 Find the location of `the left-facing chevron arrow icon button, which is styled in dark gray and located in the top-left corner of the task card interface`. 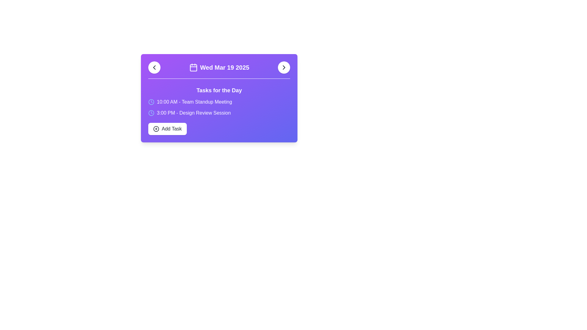

the left-facing chevron arrow icon button, which is styled in dark gray and located in the top-left corner of the task card interface is located at coordinates (154, 67).